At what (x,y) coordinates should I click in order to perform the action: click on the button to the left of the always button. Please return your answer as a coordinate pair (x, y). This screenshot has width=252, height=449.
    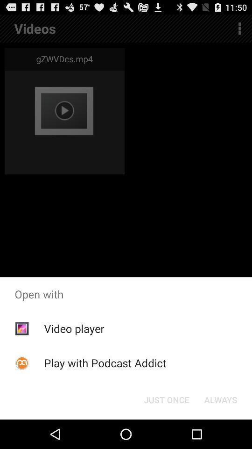
    Looking at the image, I should click on (166, 399).